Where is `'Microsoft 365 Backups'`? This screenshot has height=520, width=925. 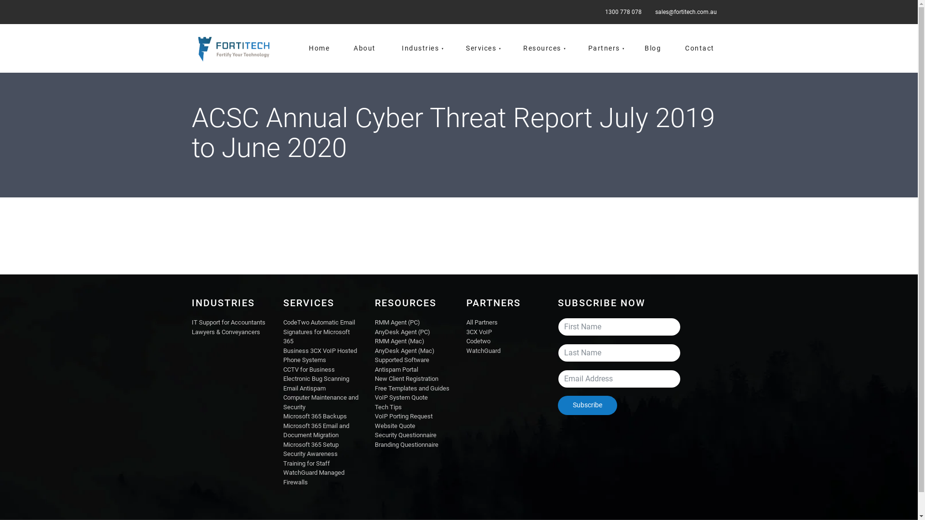
'Microsoft 365 Backups' is located at coordinates (315, 416).